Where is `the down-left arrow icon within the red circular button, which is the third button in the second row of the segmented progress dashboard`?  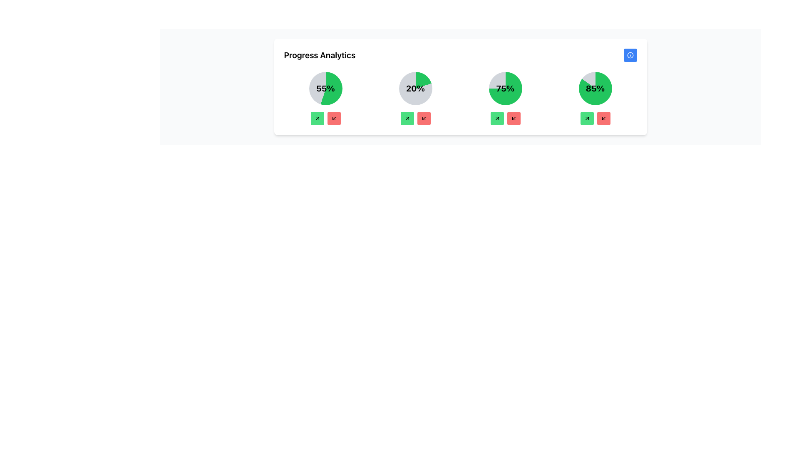
the down-left arrow icon within the red circular button, which is the third button in the second row of the segmented progress dashboard is located at coordinates (424, 118).